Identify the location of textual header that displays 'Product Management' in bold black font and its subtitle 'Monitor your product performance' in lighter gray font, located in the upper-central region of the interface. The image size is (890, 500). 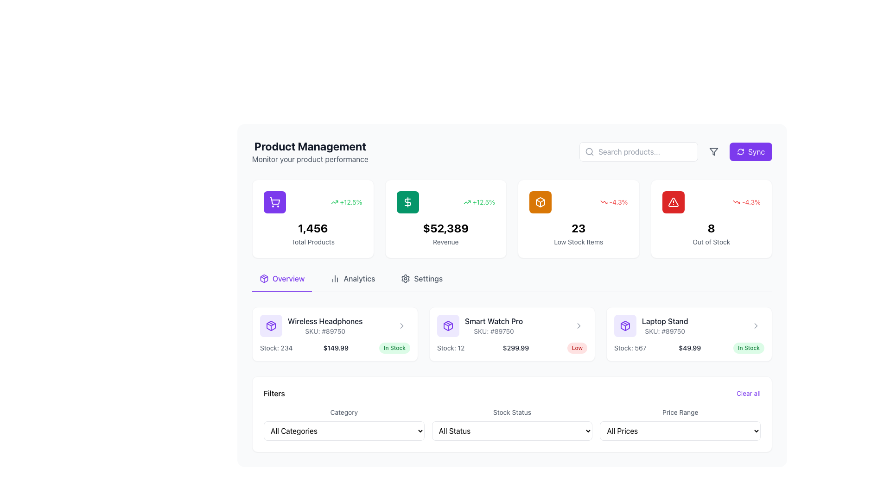
(310, 151).